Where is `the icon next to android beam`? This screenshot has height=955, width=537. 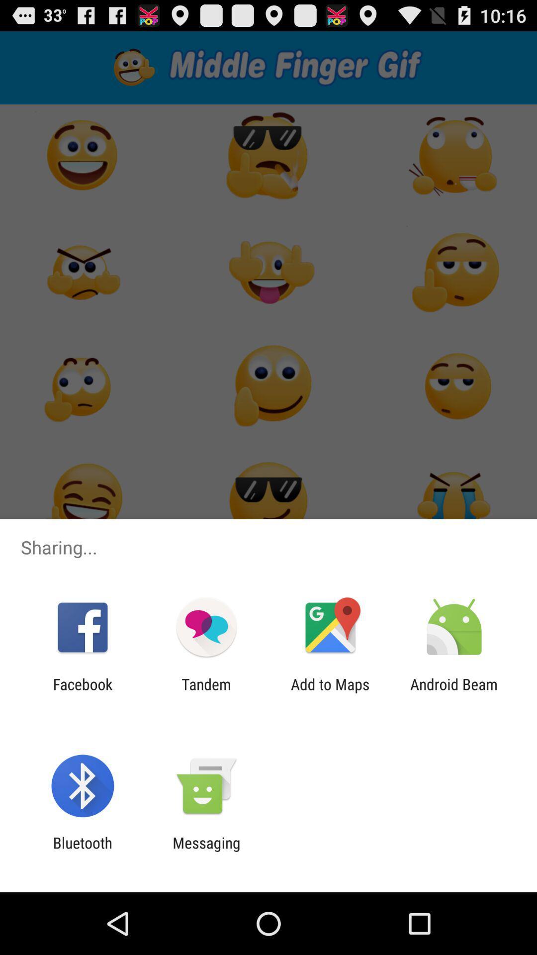 the icon next to android beam is located at coordinates (330, 692).